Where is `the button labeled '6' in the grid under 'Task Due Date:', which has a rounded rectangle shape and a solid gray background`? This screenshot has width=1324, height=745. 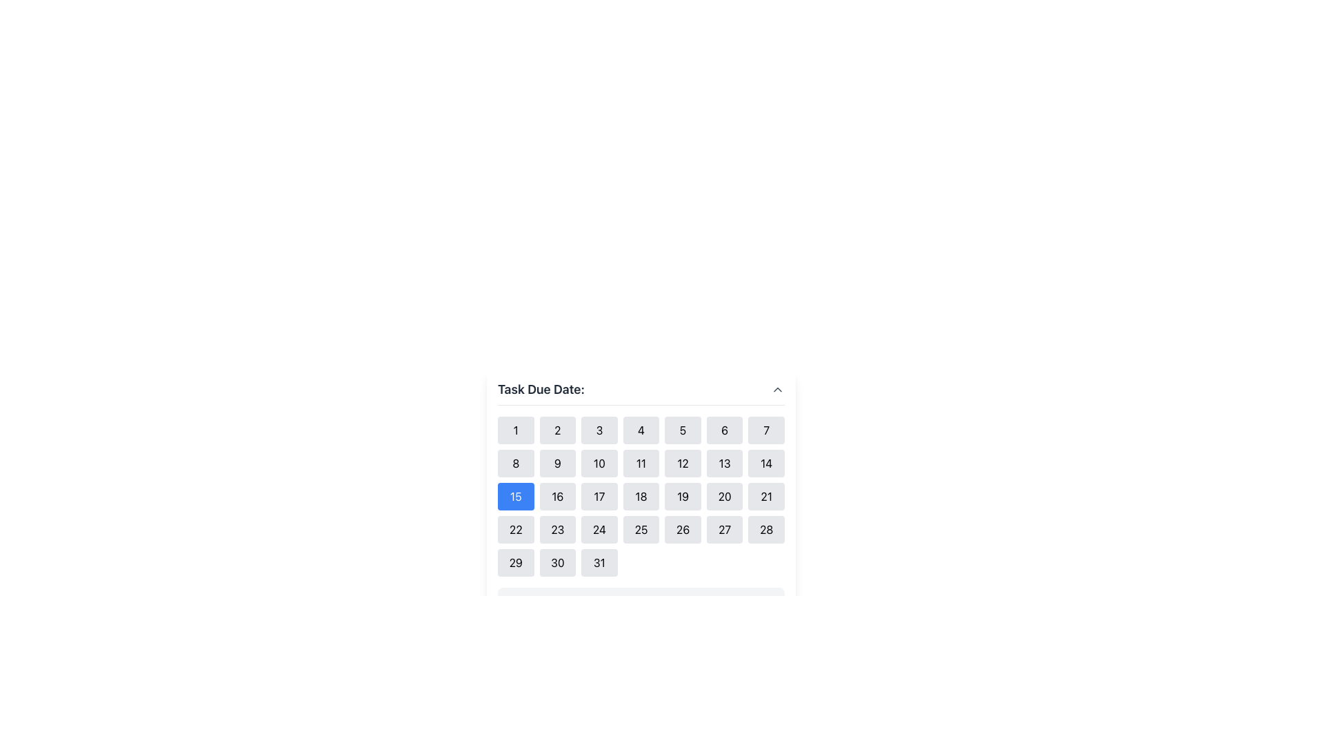 the button labeled '6' in the grid under 'Task Due Date:', which has a rounded rectangle shape and a solid gray background is located at coordinates (724, 430).